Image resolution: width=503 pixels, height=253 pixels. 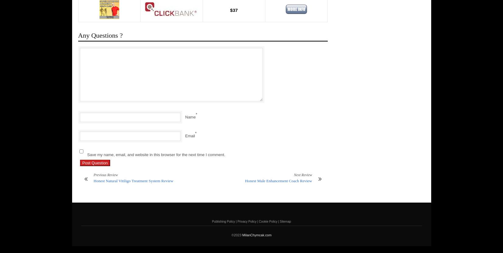 What do you see at coordinates (78, 35) in the screenshot?
I see `'Any Questions ?'` at bounding box center [78, 35].